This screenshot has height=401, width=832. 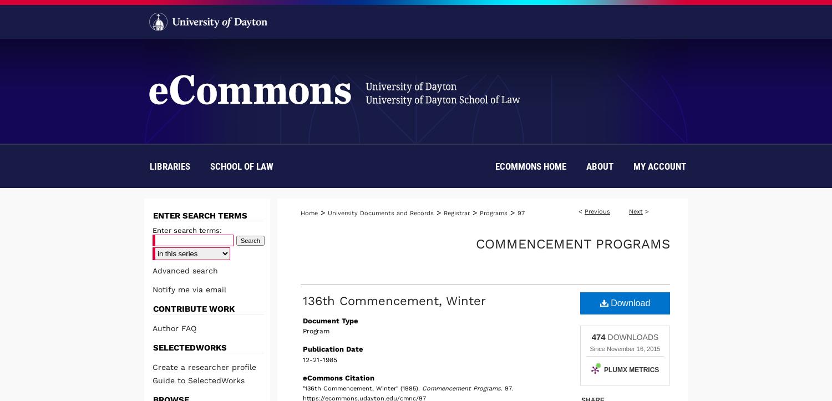 I want to click on 'Advanced search', so click(x=185, y=271).